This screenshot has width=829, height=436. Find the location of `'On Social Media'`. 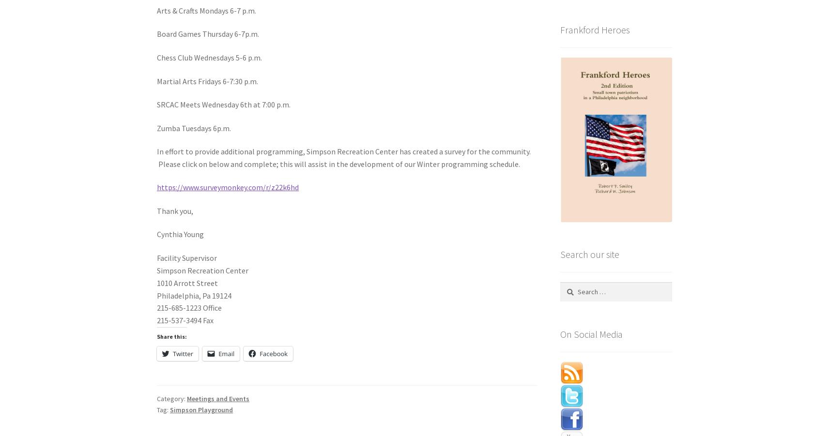

'On Social Media' is located at coordinates (559, 333).